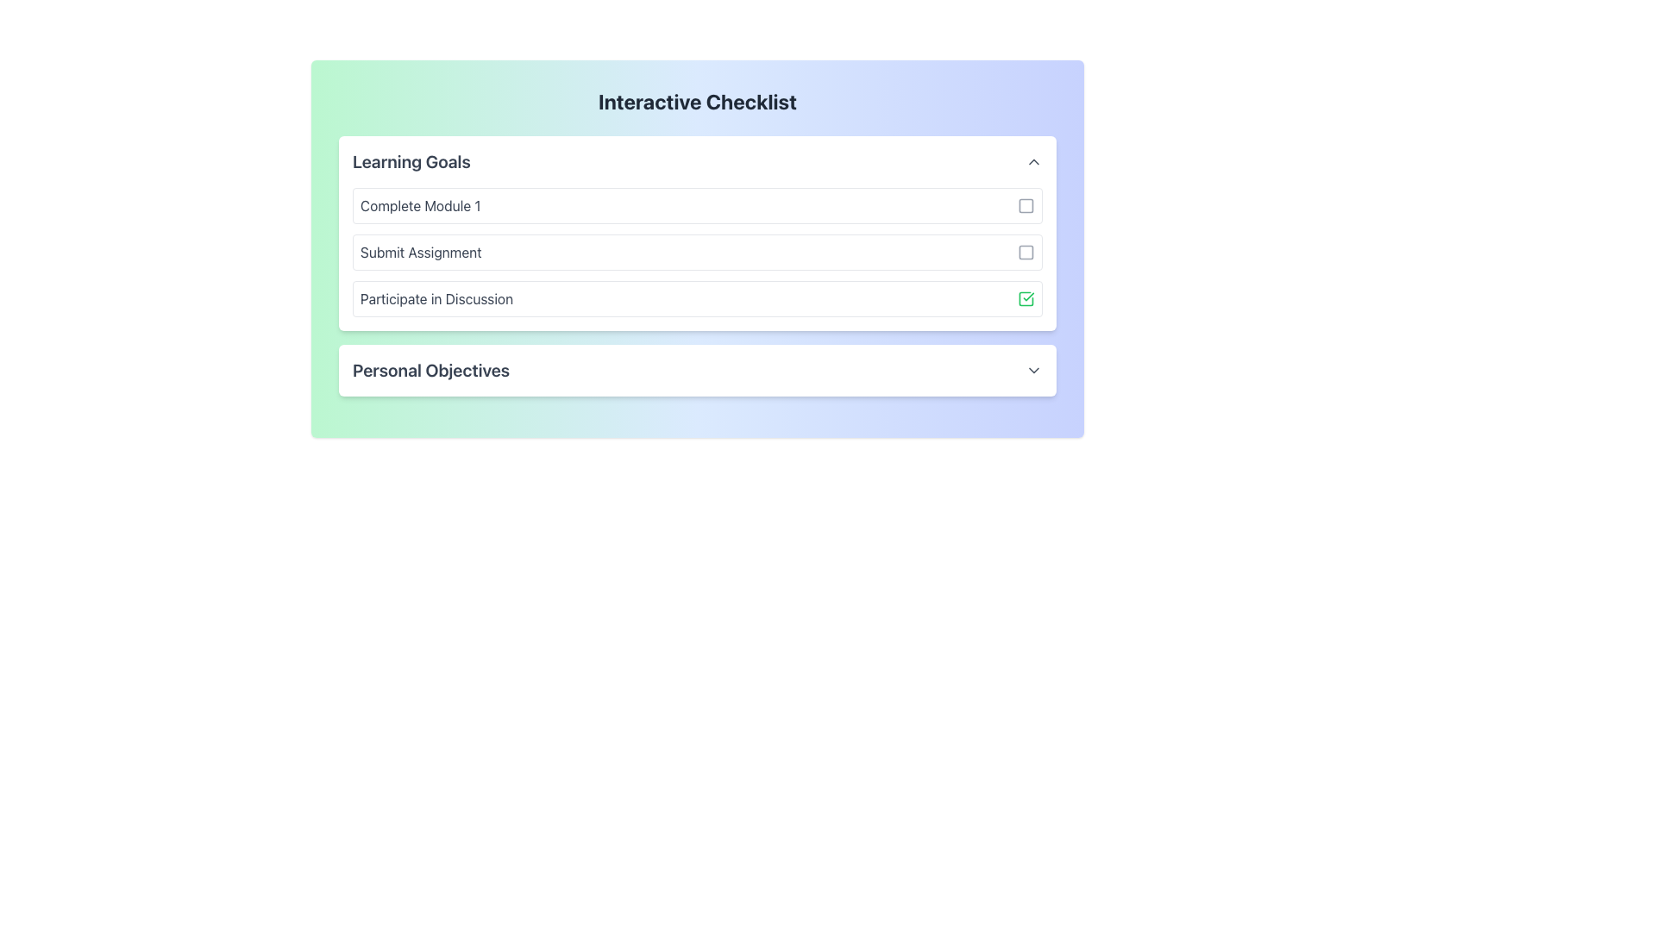 The width and height of the screenshot is (1656, 931). Describe the element at coordinates (411, 162) in the screenshot. I see `the text label UI component that serves as a title or heading for the associated section located near the top-left corner of the section header` at that location.